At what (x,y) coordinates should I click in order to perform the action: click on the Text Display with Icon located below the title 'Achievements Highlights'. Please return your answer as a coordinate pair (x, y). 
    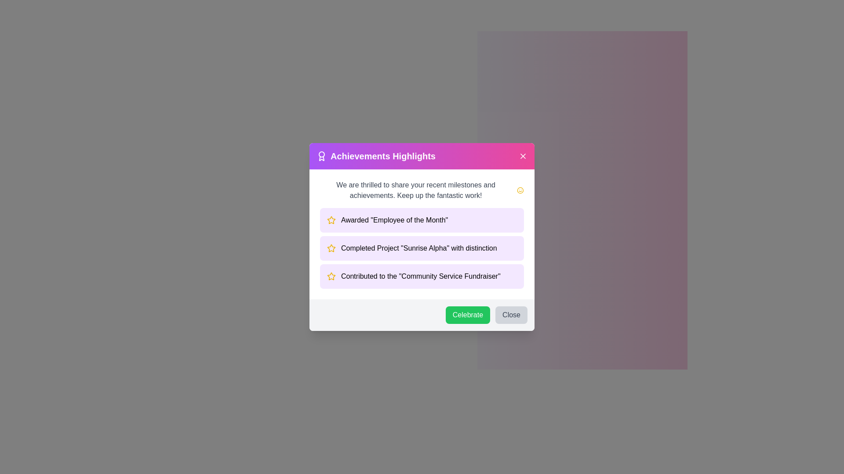
    Looking at the image, I should click on (422, 190).